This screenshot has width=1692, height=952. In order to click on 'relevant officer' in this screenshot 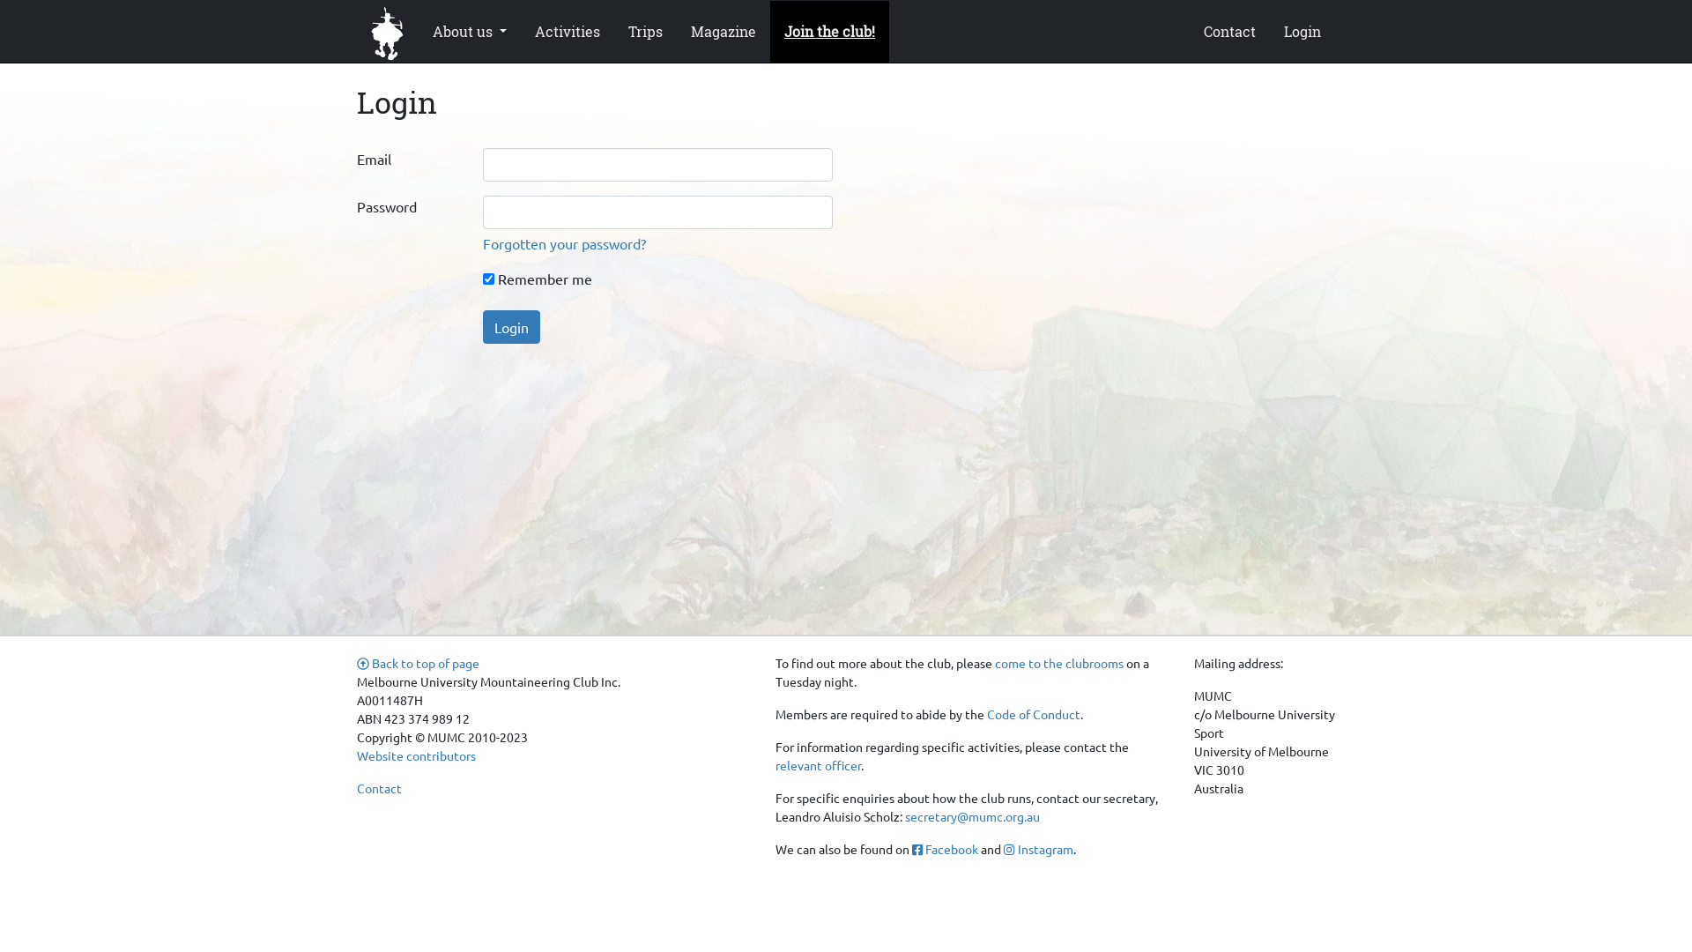, I will do `click(817, 763)`.